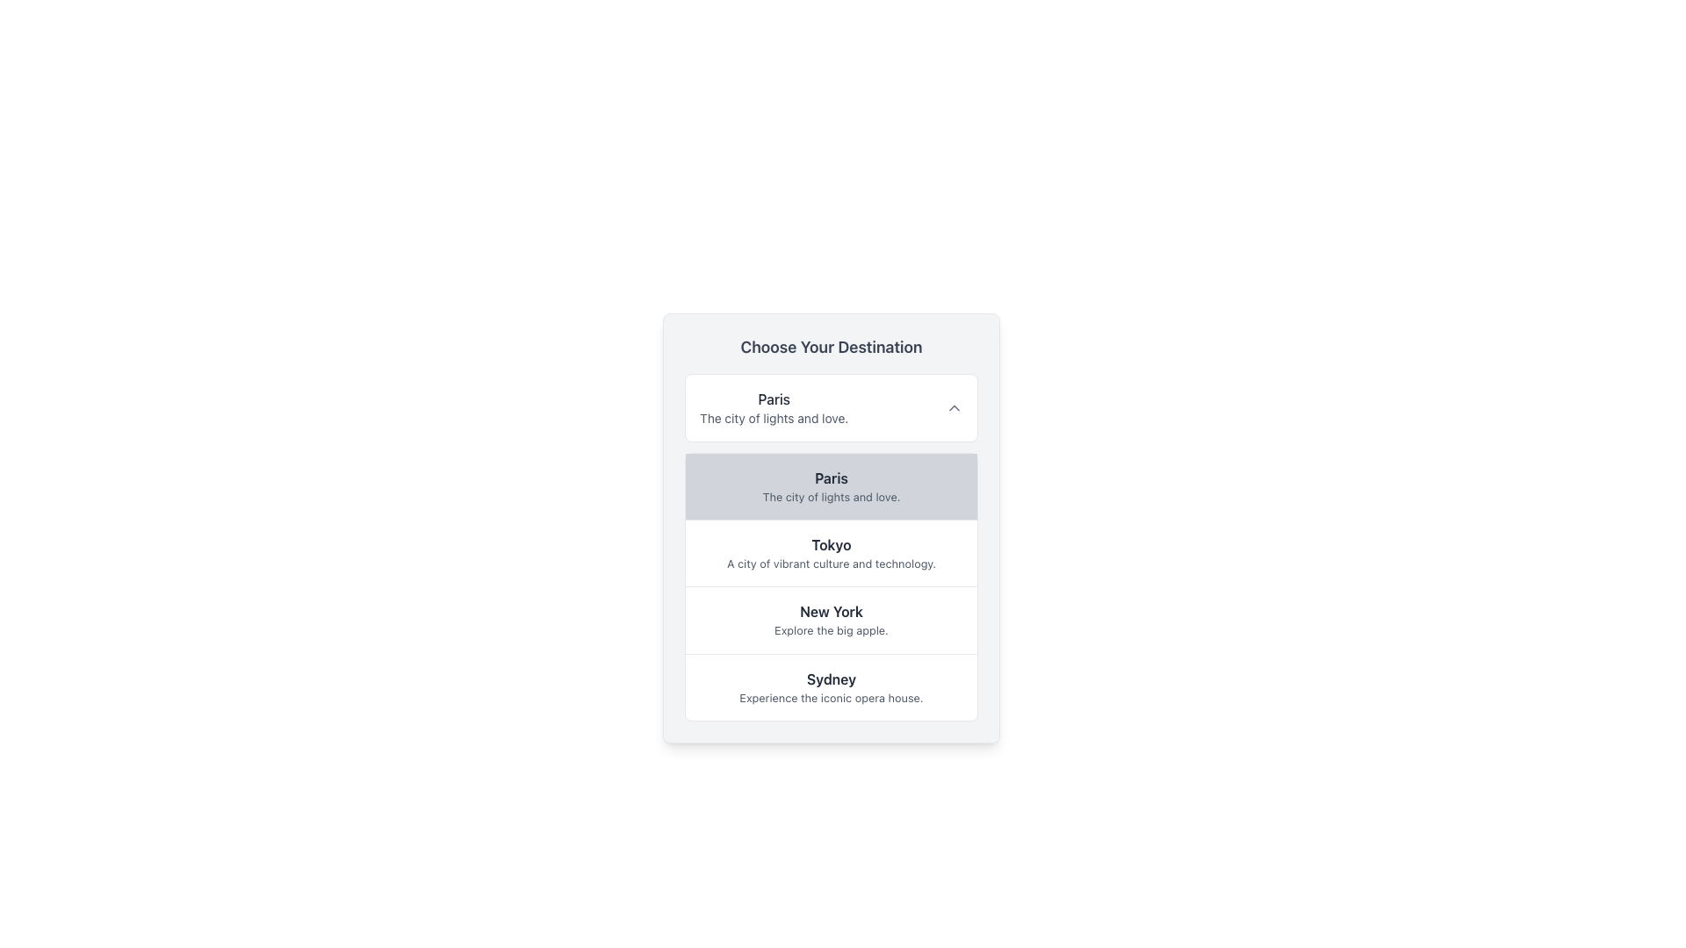 The height and width of the screenshot is (948, 1686). I want to click on the text label providing additional information about the destination 'Paris' within the list of destinations, so click(830, 497).